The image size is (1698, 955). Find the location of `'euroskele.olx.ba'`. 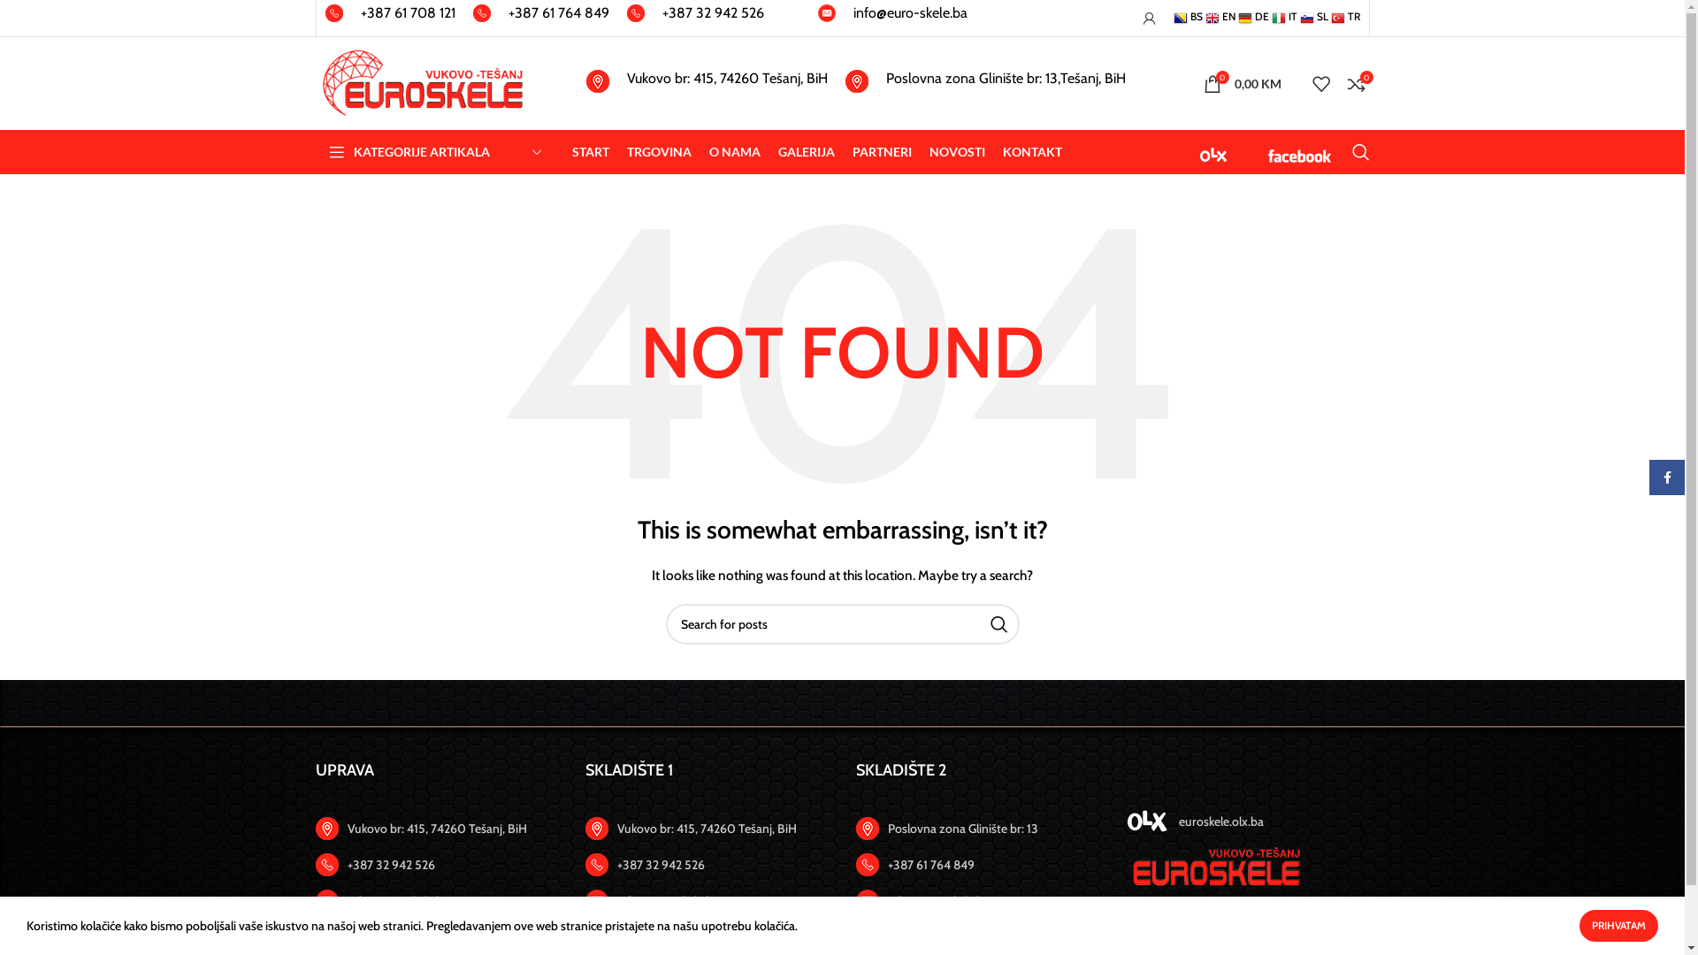

'euroskele.olx.ba' is located at coordinates (1247, 821).